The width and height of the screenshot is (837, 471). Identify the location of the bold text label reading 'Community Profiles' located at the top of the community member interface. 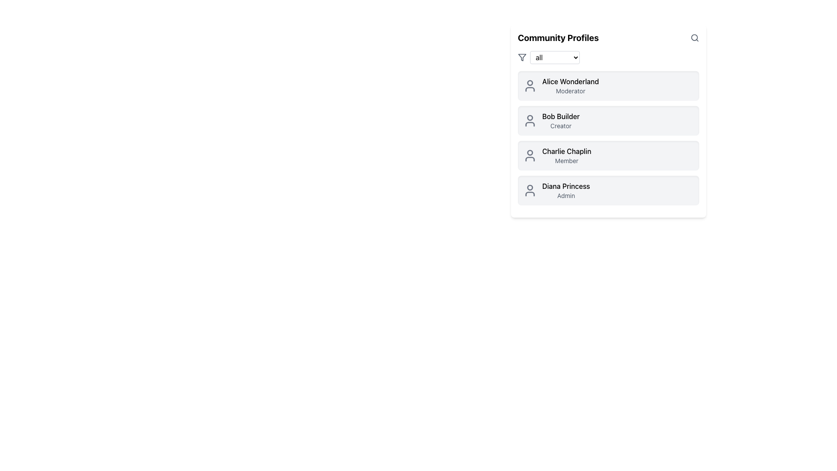
(558, 38).